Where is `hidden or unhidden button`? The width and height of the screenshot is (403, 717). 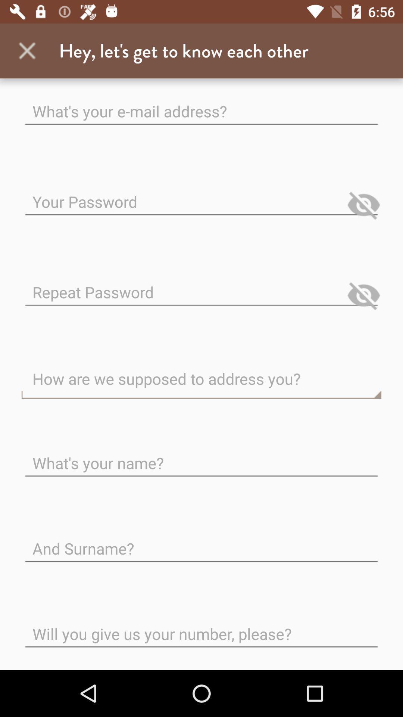 hidden or unhidden button is located at coordinates (363, 205).